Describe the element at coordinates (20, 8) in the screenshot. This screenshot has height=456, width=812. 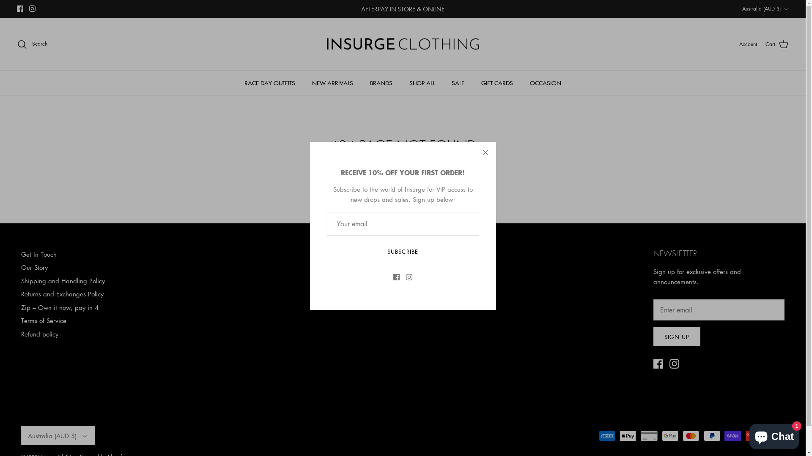
I see `'Facebook'` at that location.